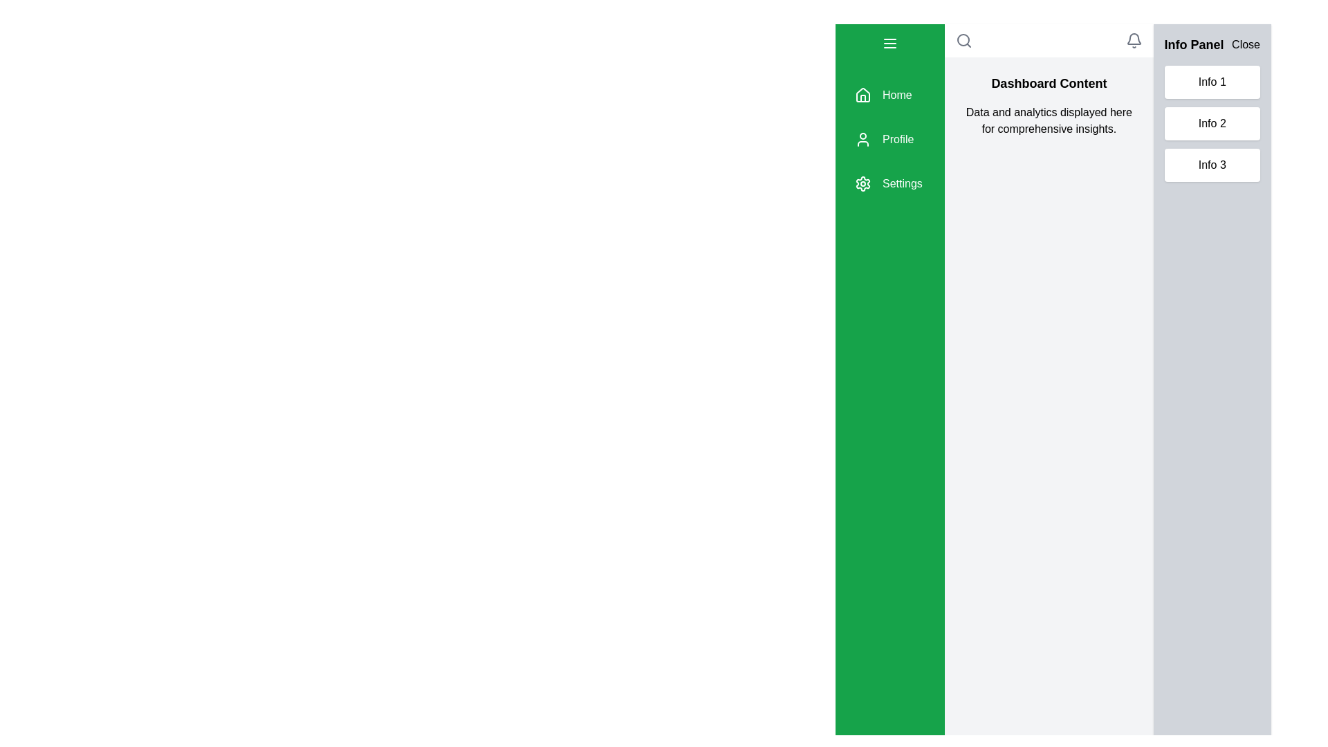  Describe the element at coordinates (890, 42) in the screenshot. I see `the menu toggle button located at the upper left of the green vertical navigation panel` at that location.